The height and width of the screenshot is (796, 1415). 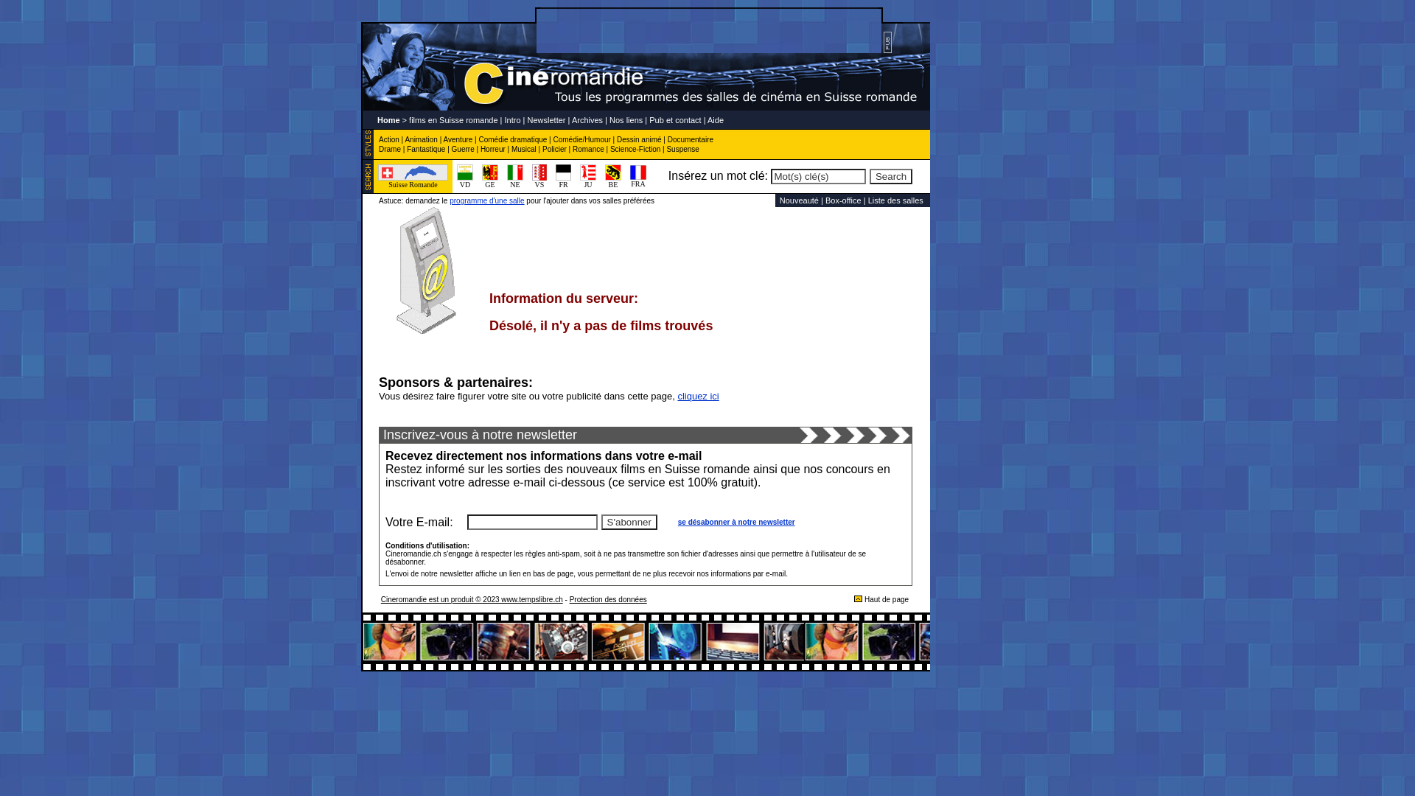 What do you see at coordinates (715, 119) in the screenshot?
I see `'Aide'` at bounding box center [715, 119].